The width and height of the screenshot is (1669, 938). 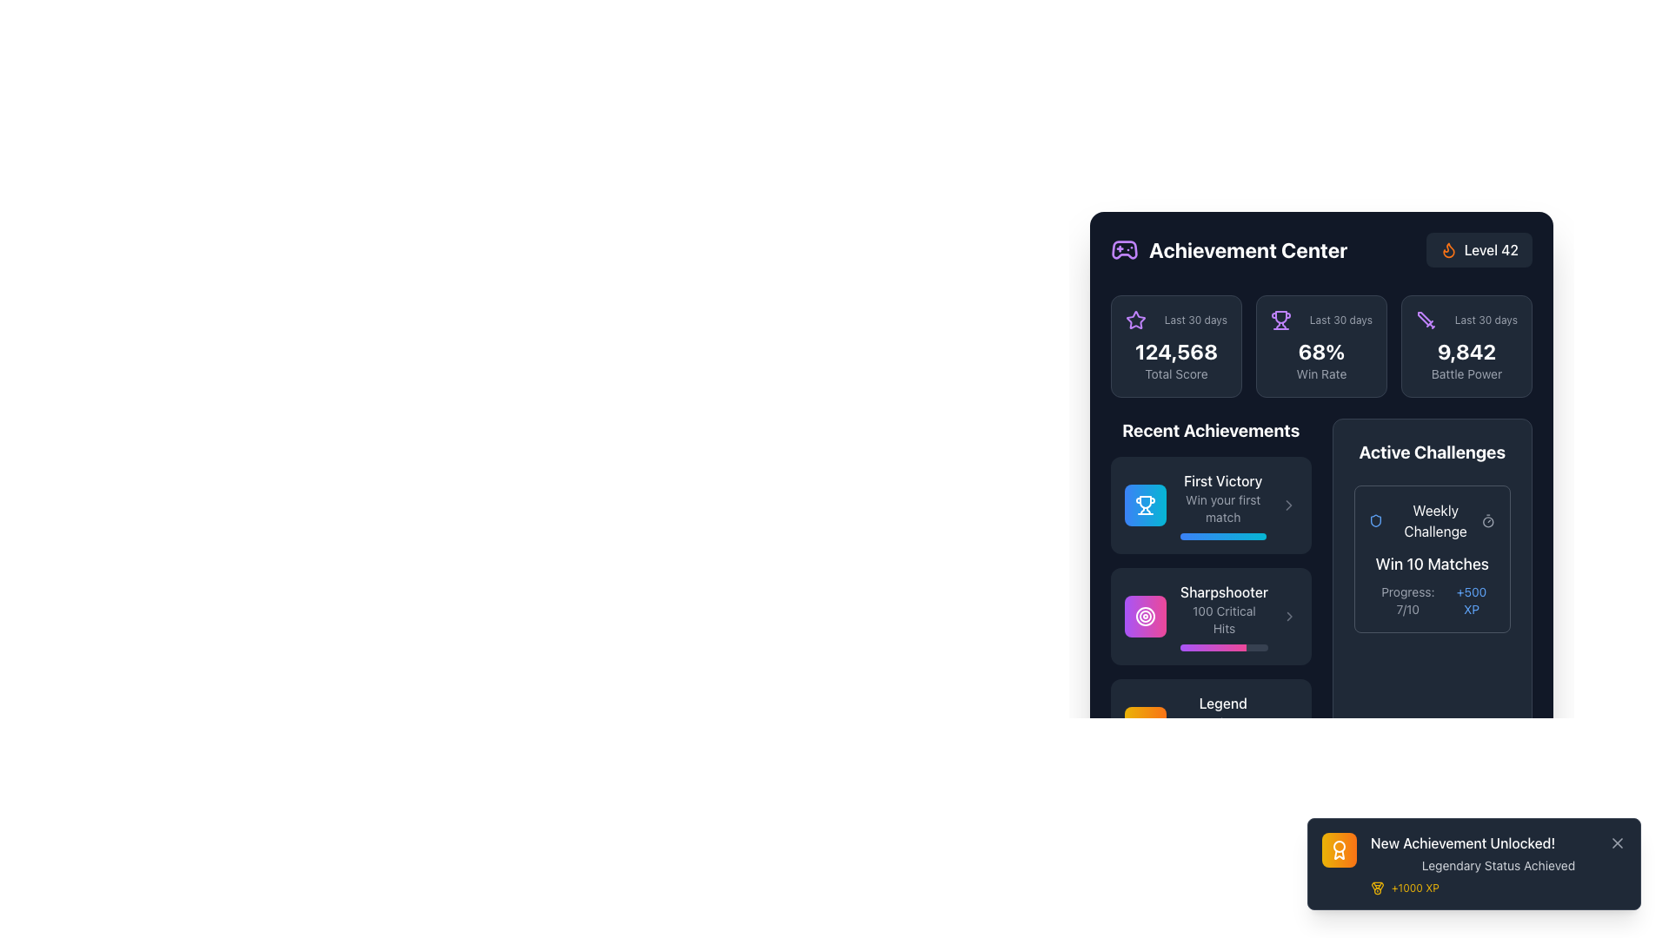 What do you see at coordinates (1223, 618) in the screenshot?
I see `the '100 Critical Hits' text display within the 'Sharpshooter' card in the 'Recent Achievements' panel` at bounding box center [1223, 618].